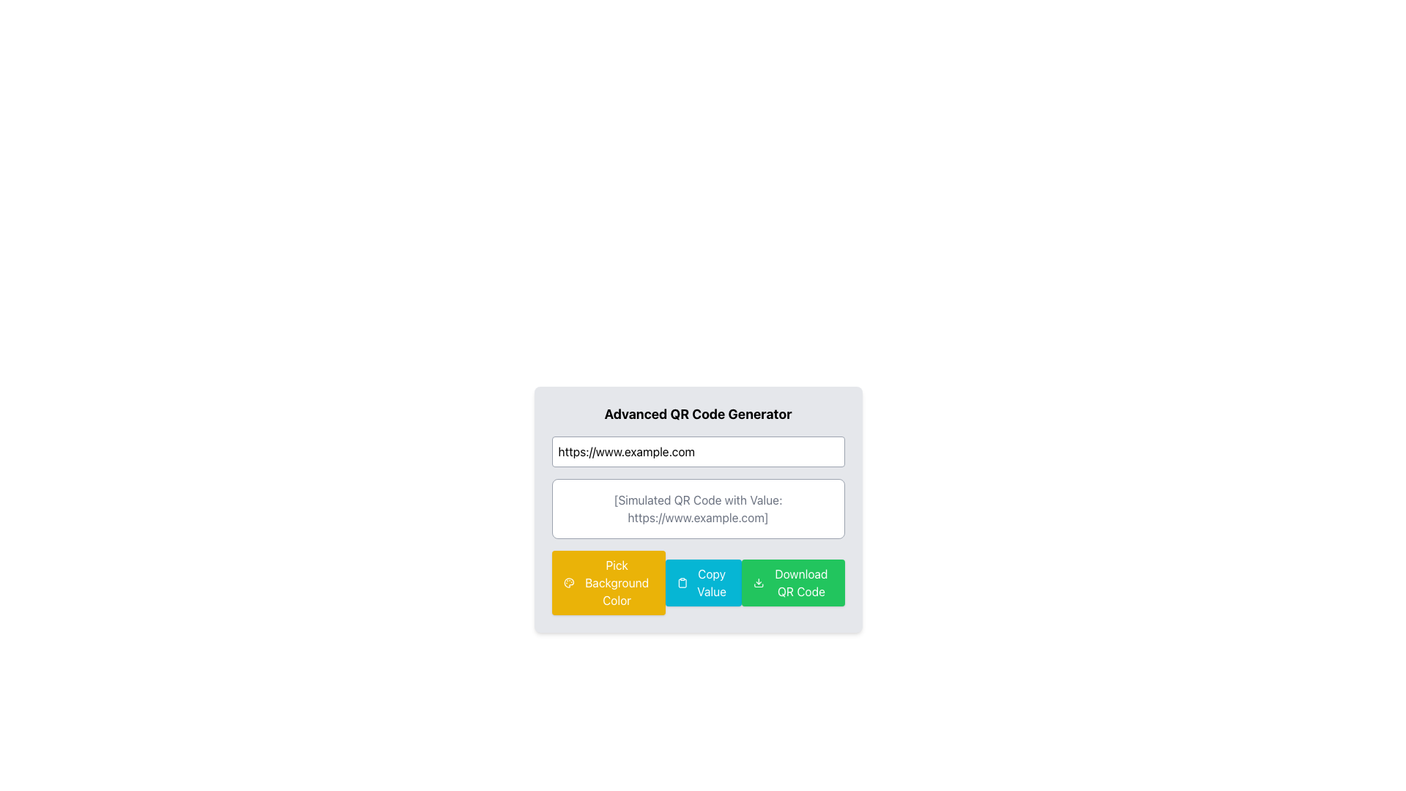 This screenshot has width=1406, height=791. Describe the element at coordinates (697, 508) in the screenshot. I see `the centrally positioned Text Display that provides information about the simulated QR code content, located below the input field and above a row of colored buttons` at that location.